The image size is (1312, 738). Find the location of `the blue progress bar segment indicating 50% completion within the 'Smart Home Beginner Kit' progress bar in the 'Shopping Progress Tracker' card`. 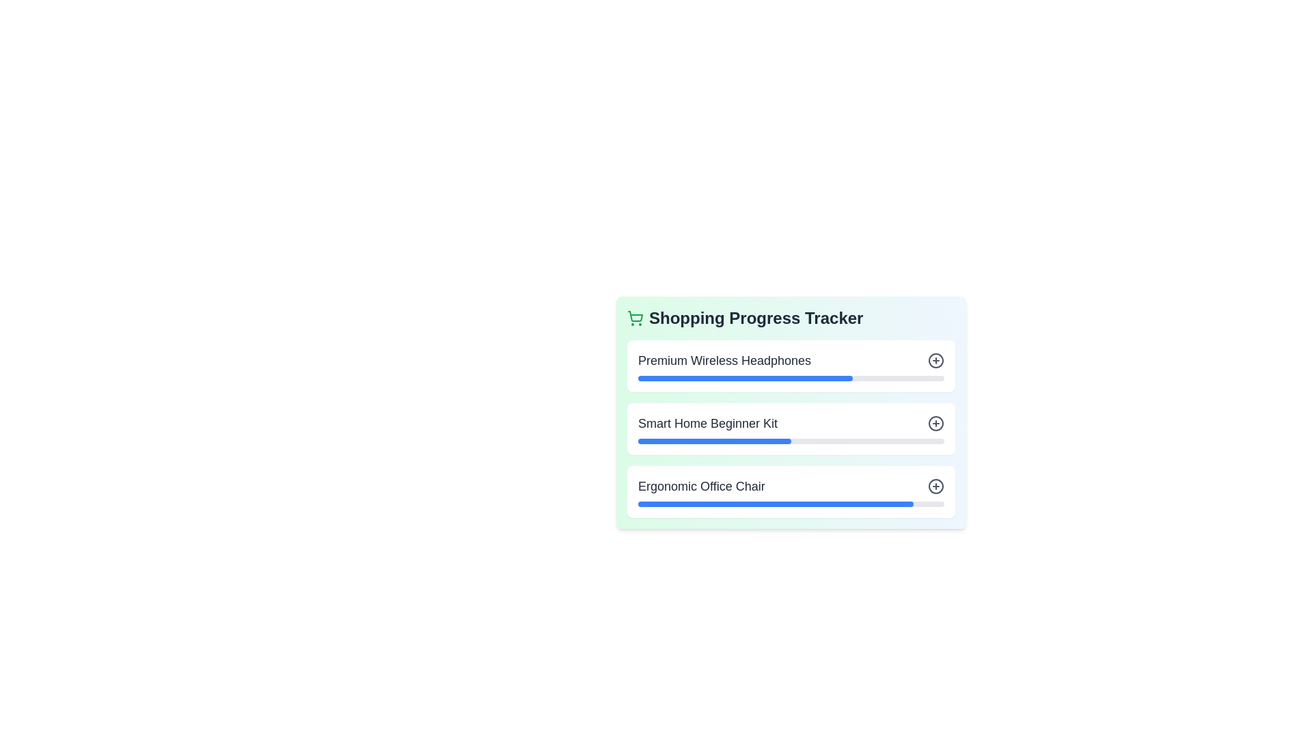

the blue progress bar segment indicating 50% completion within the 'Smart Home Beginner Kit' progress bar in the 'Shopping Progress Tracker' card is located at coordinates (714, 441).